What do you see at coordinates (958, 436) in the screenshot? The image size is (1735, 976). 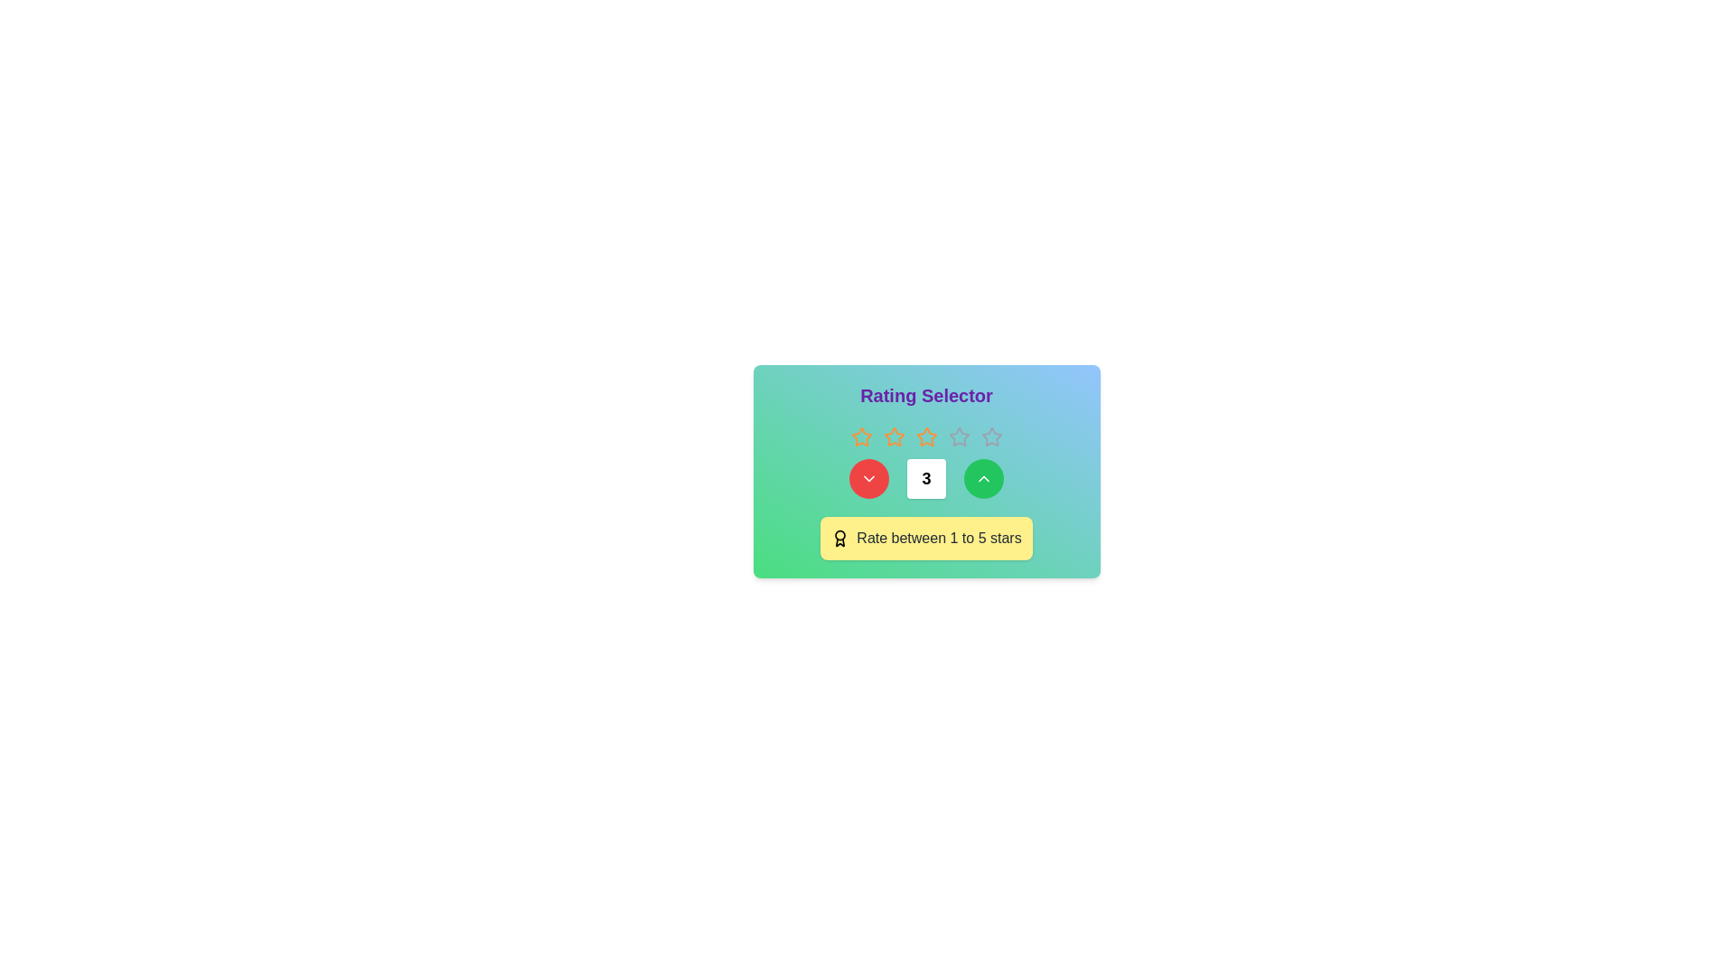 I see `the fourth star icon used for rating, which is part of a series of five stars, to indicate a rating preference` at bounding box center [958, 436].